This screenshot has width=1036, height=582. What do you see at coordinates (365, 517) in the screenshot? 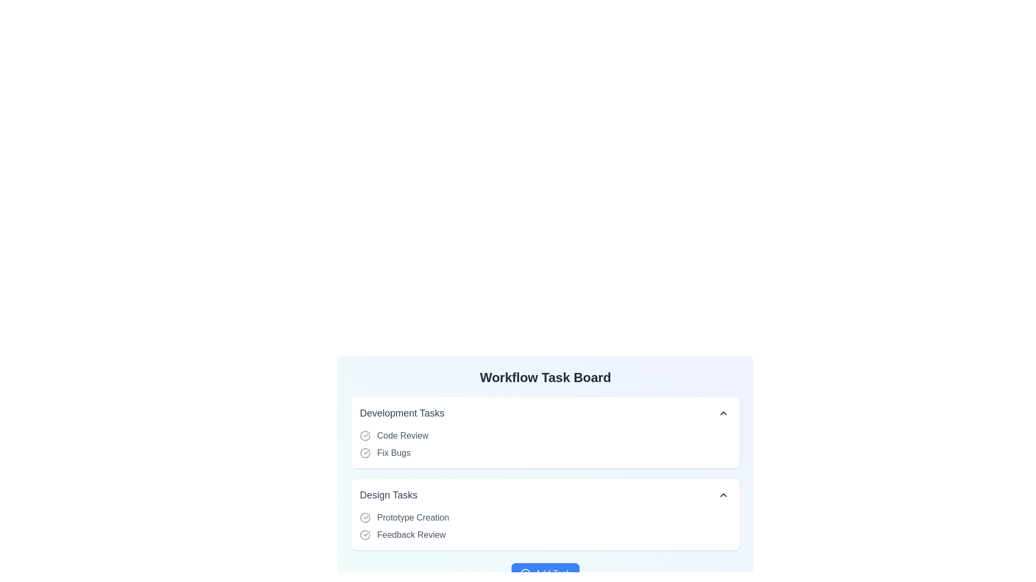
I see `the graphical icon indicating the status of the task 'Prototype Creation' in the 'Design Tasks' group, located to the left of the text 'Prototype Creation.'` at bounding box center [365, 517].